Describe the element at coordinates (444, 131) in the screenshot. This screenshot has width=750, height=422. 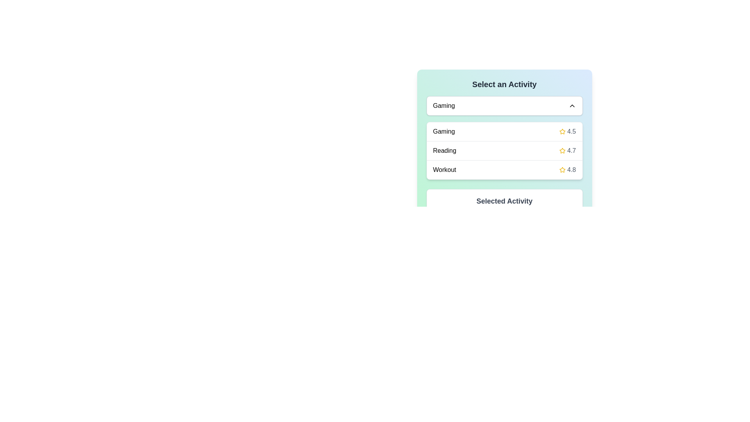
I see `the selectable option labeled 'Gaming' in the activity-selection interface` at that location.